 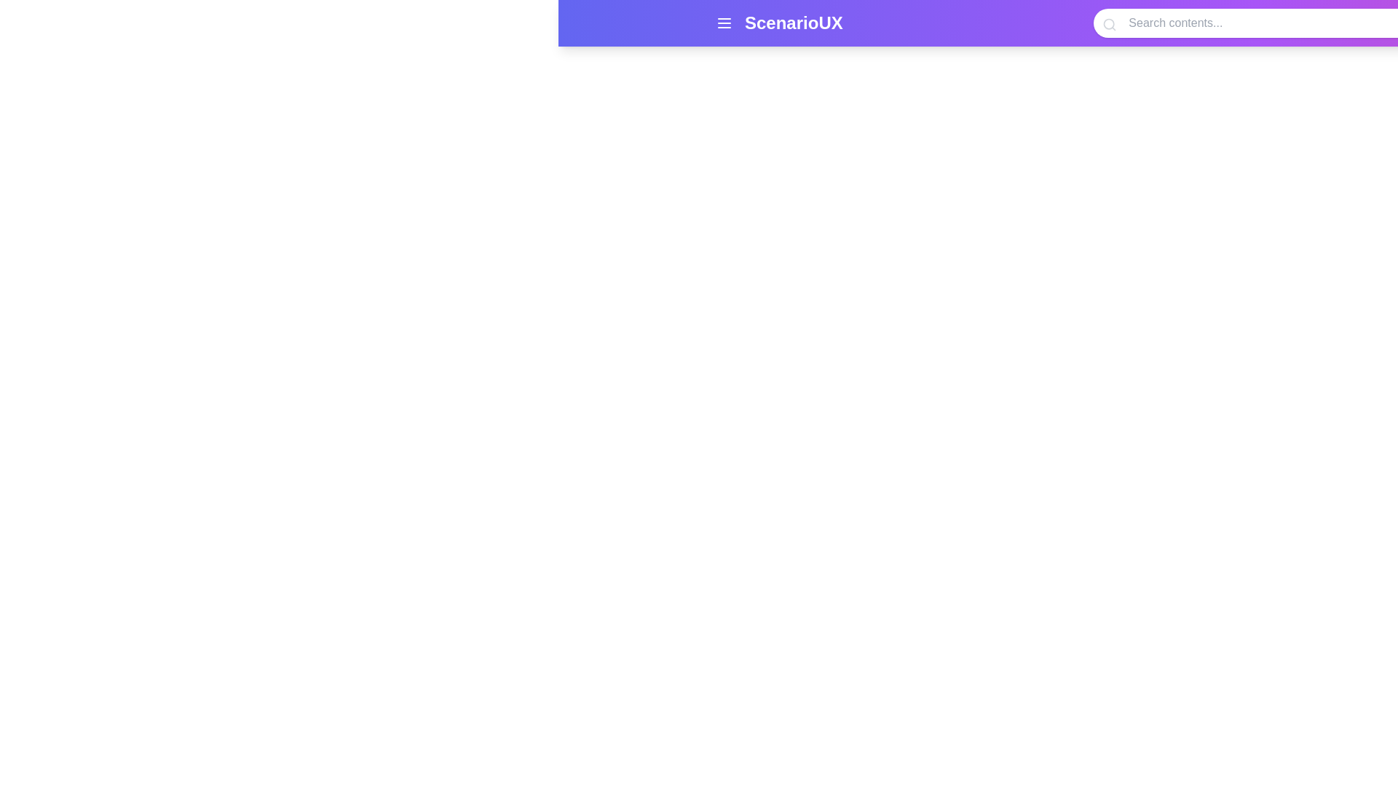 What do you see at coordinates (724, 23) in the screenshot?
I see `the SVG menu button located on the left side of the purple header bar, adjacent to the 'ScenarioUX' text` at bounding box center [724, 23].